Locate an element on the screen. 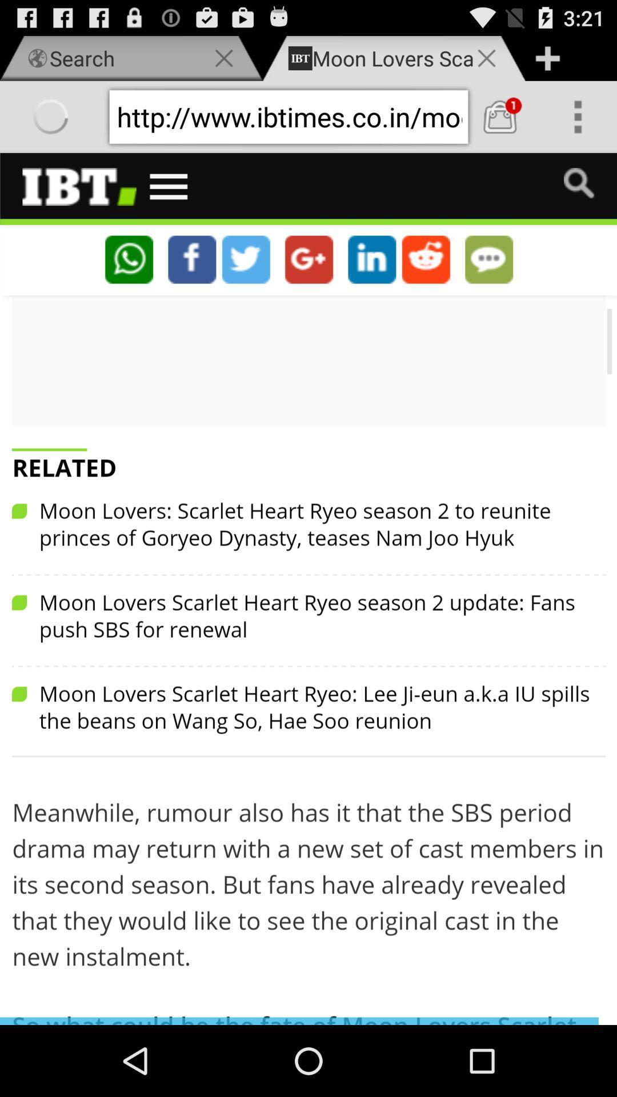 The image size is (617, 1097). the add icon is located at coordinates (547, 62).